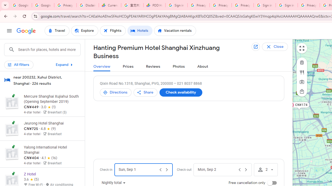 This screenshot has height=186, width=332. I want to click on 'Expand', so click(65, 64).